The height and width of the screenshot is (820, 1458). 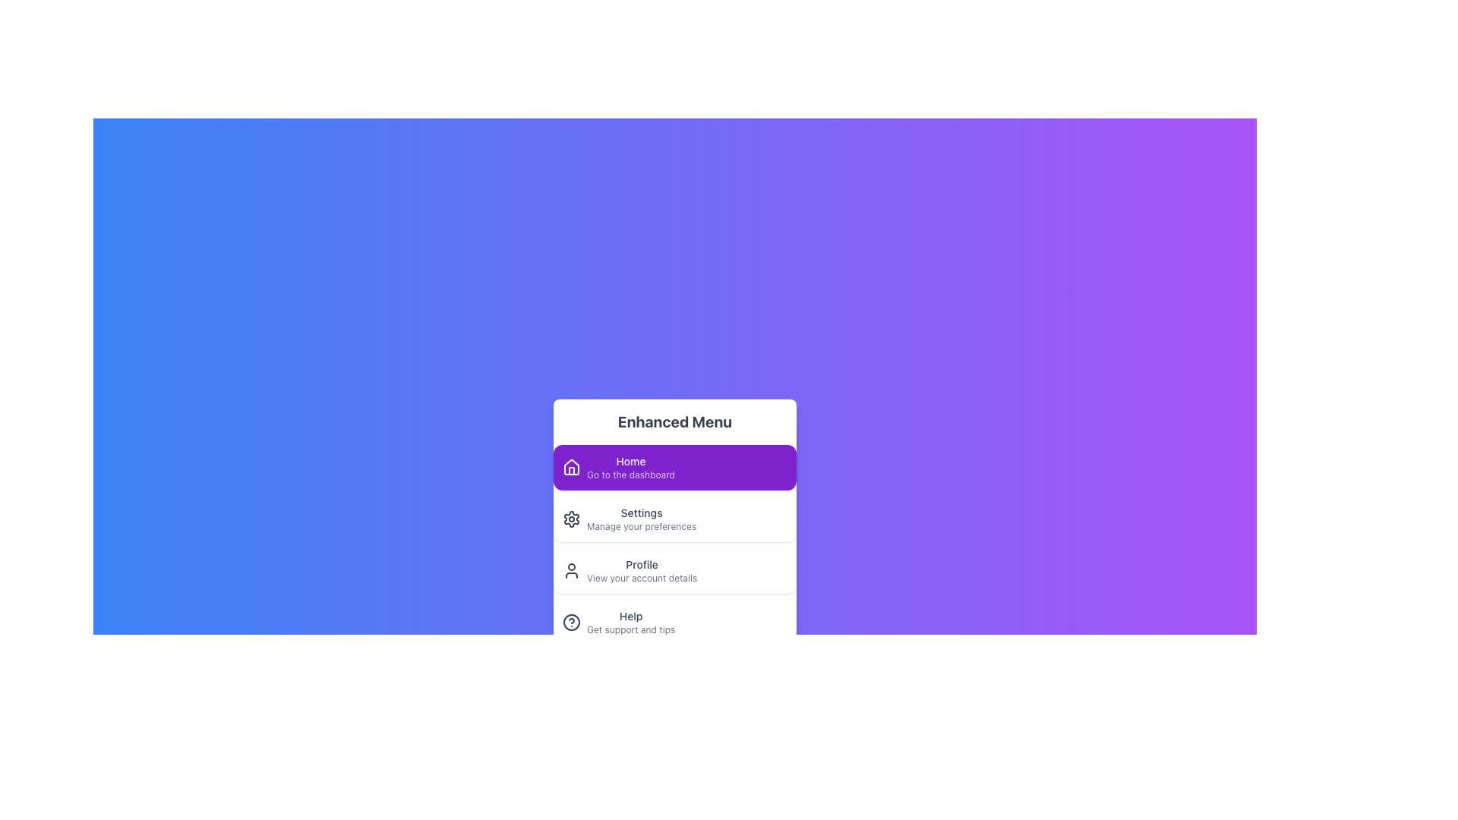 I want to click on the descriptive subtitle Text Label that provides additional information for the 'Help' menu option, located below the main options and adjacent to the 'Help' icon, so click(x=631, y=629).